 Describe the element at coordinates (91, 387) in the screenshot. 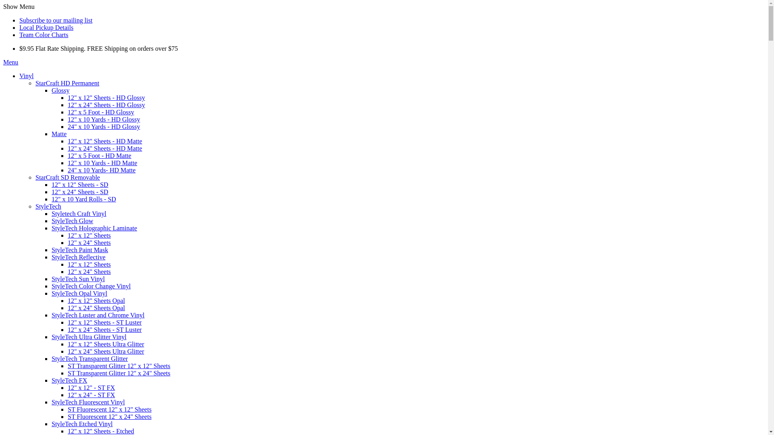

I see `'12" x 12" - ST FX'` at that location.